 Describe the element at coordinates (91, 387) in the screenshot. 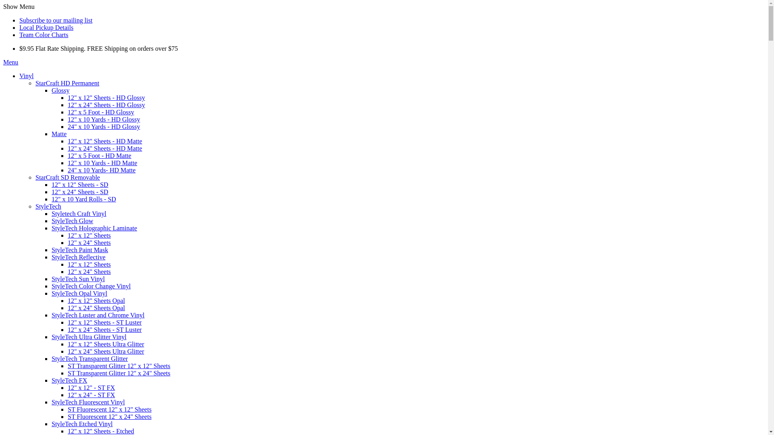

I see `'12" x 12" - ST FX'` at that location.